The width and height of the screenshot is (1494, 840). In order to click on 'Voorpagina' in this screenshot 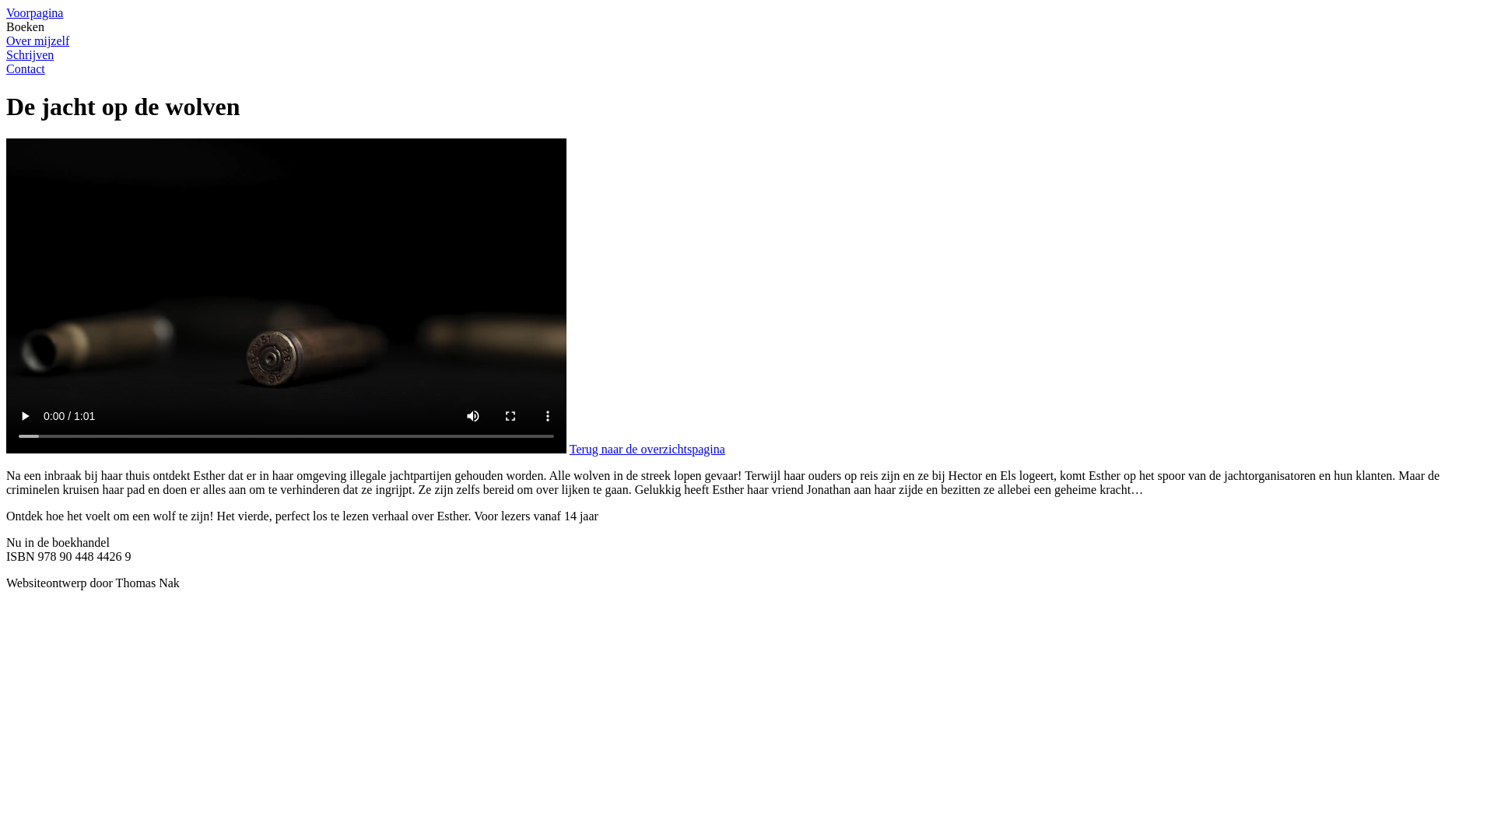, I will do `click(747, 12)`.